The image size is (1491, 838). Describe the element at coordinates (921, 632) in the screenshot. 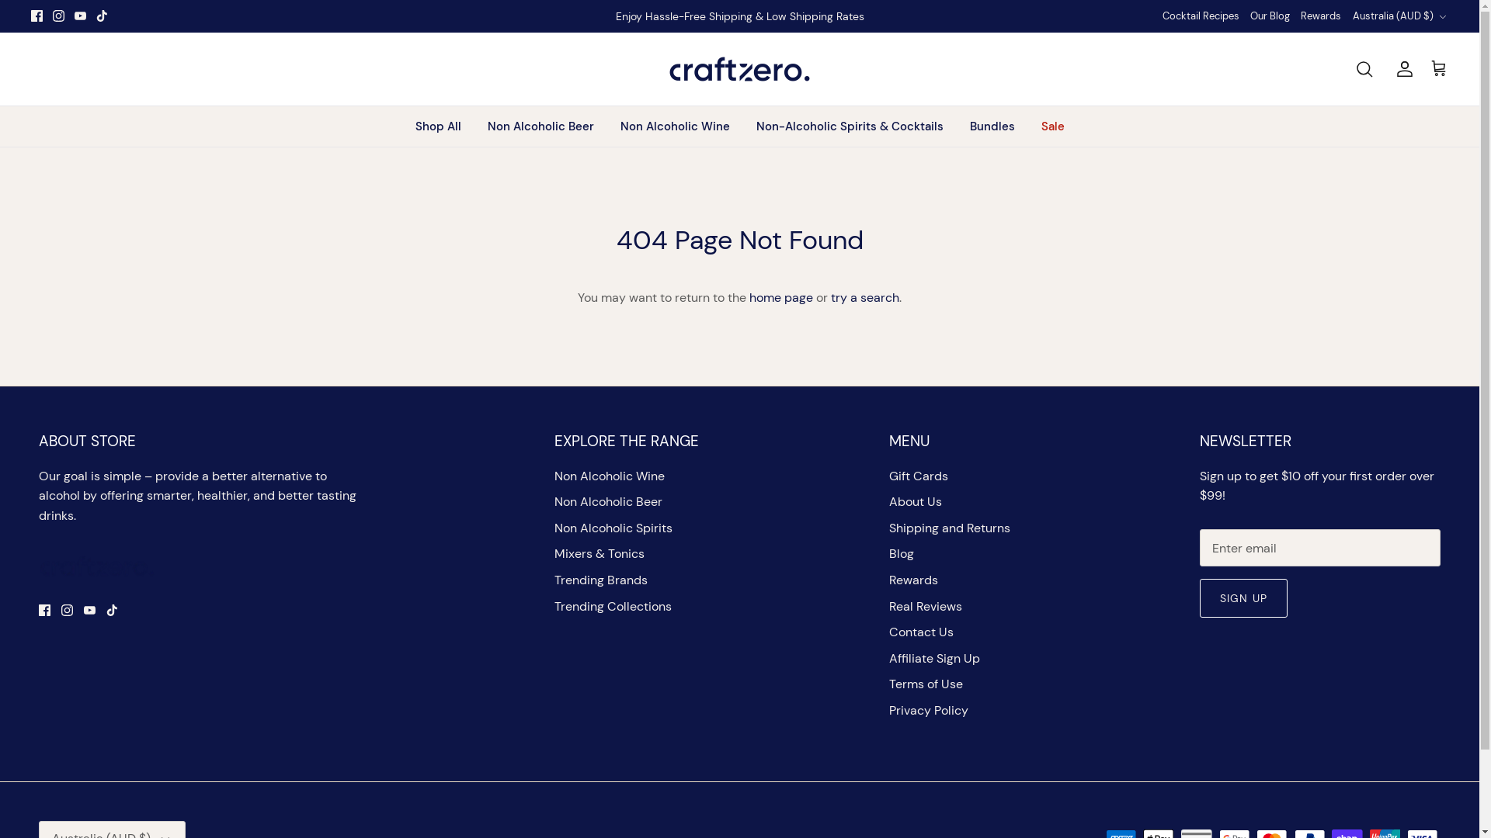

I see `'Contact Us'` at that location.